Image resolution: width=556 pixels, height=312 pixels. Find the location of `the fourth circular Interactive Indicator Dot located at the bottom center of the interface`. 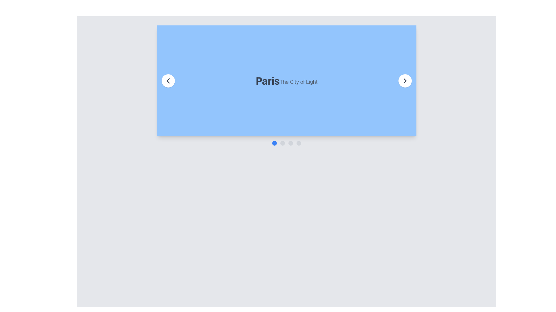

the fourth circular Interactive Indicator Dot located at the bottom center of the interface is located at coordinates (299, 143).